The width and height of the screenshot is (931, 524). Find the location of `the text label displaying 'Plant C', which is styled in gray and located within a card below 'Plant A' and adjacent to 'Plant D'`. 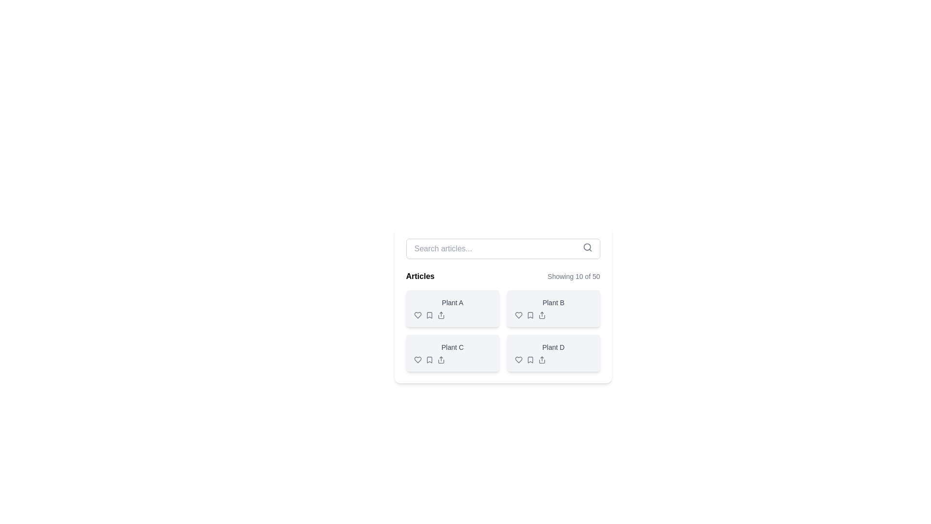

the text label displaying 'Plant C', which is styled in gray and located within a card below 'Plant A' and adjacent to 'Plant D' is located at coordinates (452, 347).